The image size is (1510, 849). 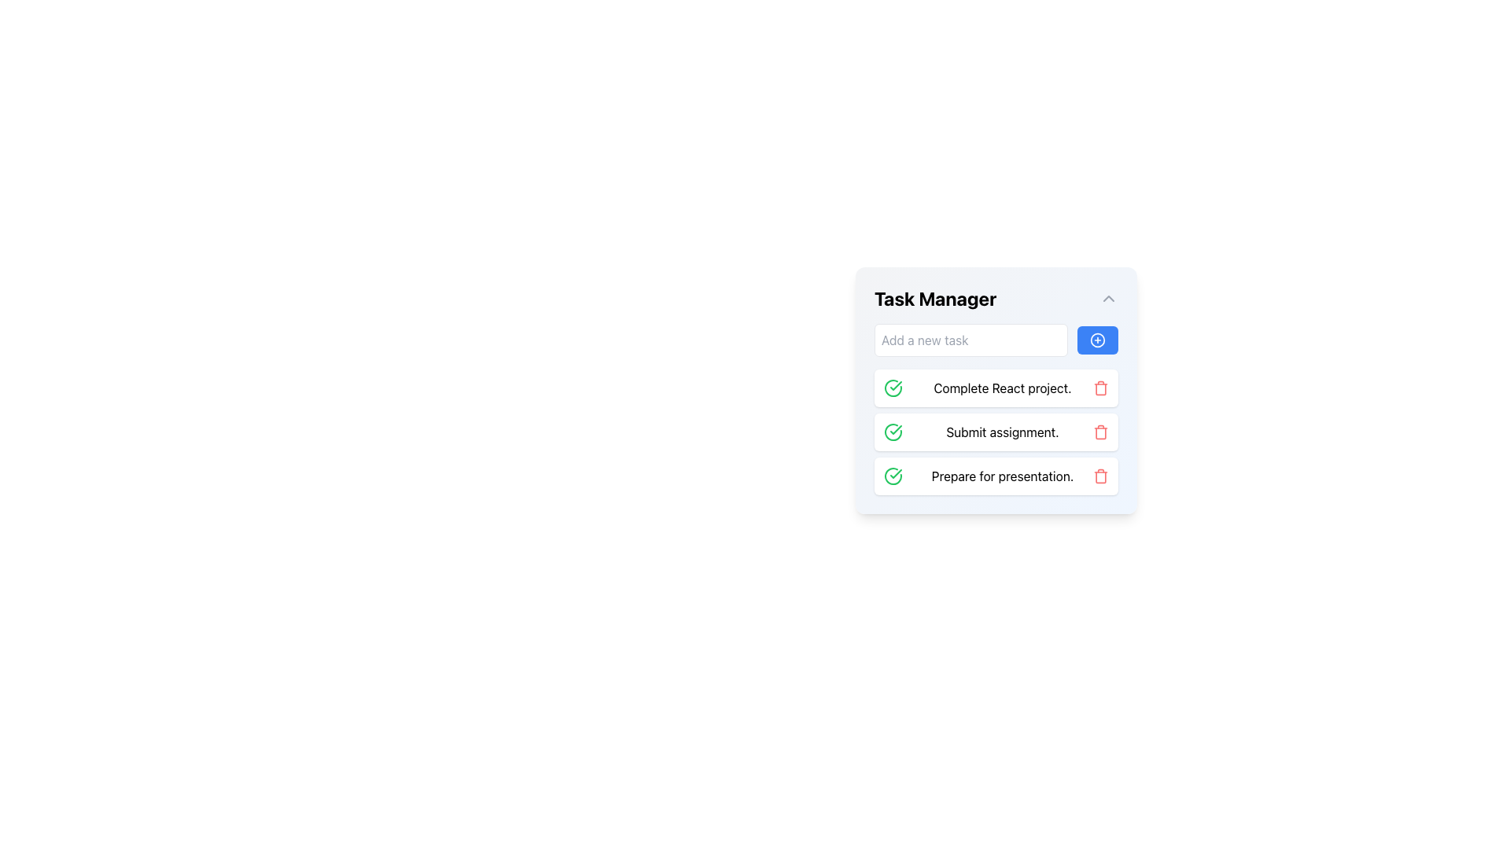 What do you see at coordinates (1097, 339) in the screenshot?
I see `the button/icon that adds a new task, which is located on the right side of the 'Add a new task' input field in the Task Manager interface` at bounding box center [1097, 339].